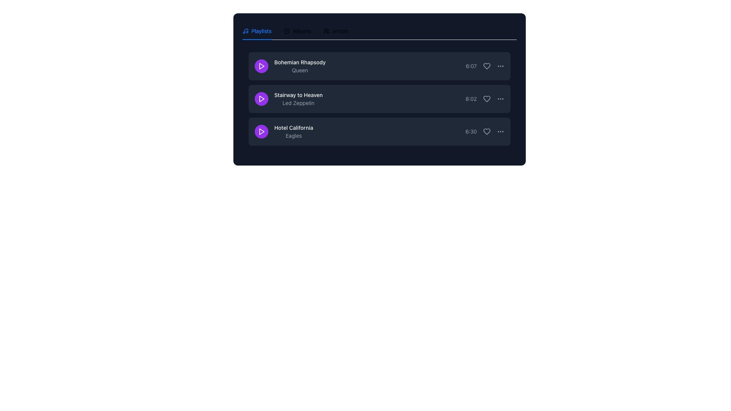 This screenshot has height=411, width=731. What do you see at coordinates (486, 65) in the screenshot?
I see `the heart-shaped icon located to the right of the '6:07' timestamp text in the song 'Bohemian Rhapsody'` at bounding box center [486, 65].